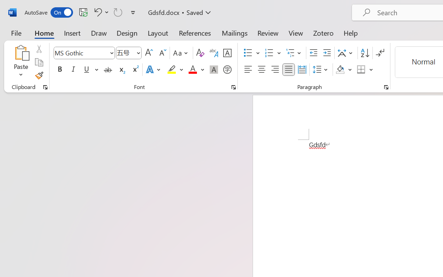 The width and height of the screenshot is (443, 277). I want to click on 'Asian Layout', so click(346, 53).